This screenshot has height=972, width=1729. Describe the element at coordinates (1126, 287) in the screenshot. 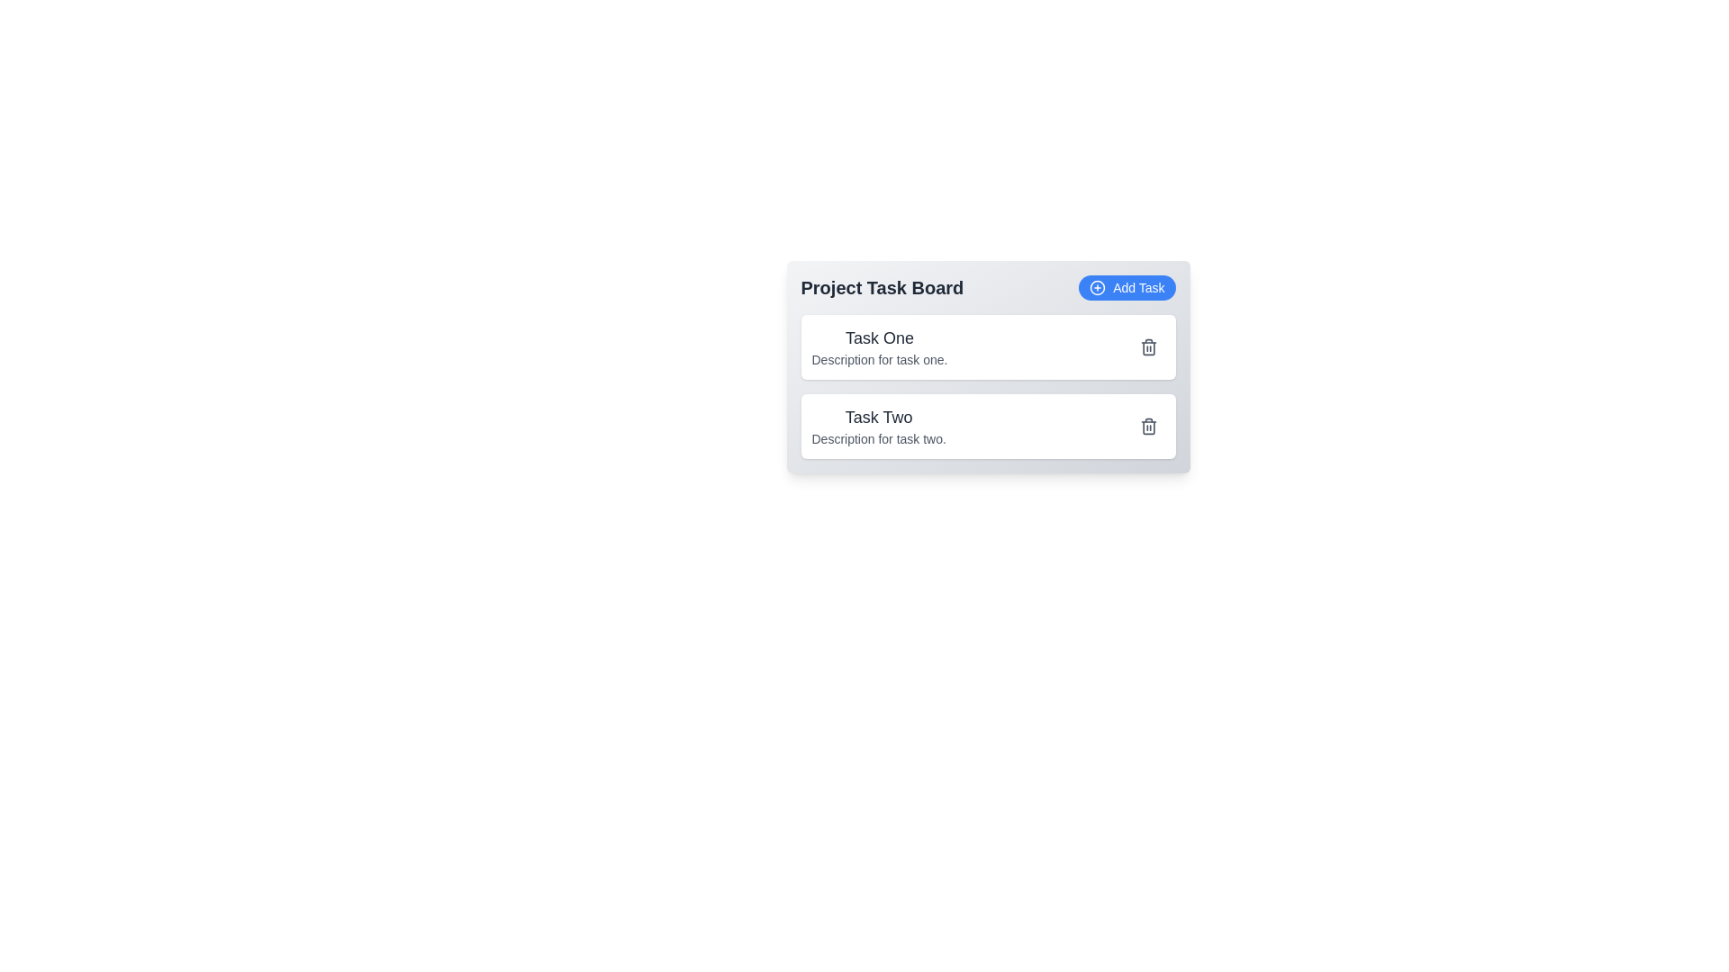

I see `the blue button labeled 'Add Task' with a plus icon, located in the top-right corner of the 'Project Task Board' section` at that location.